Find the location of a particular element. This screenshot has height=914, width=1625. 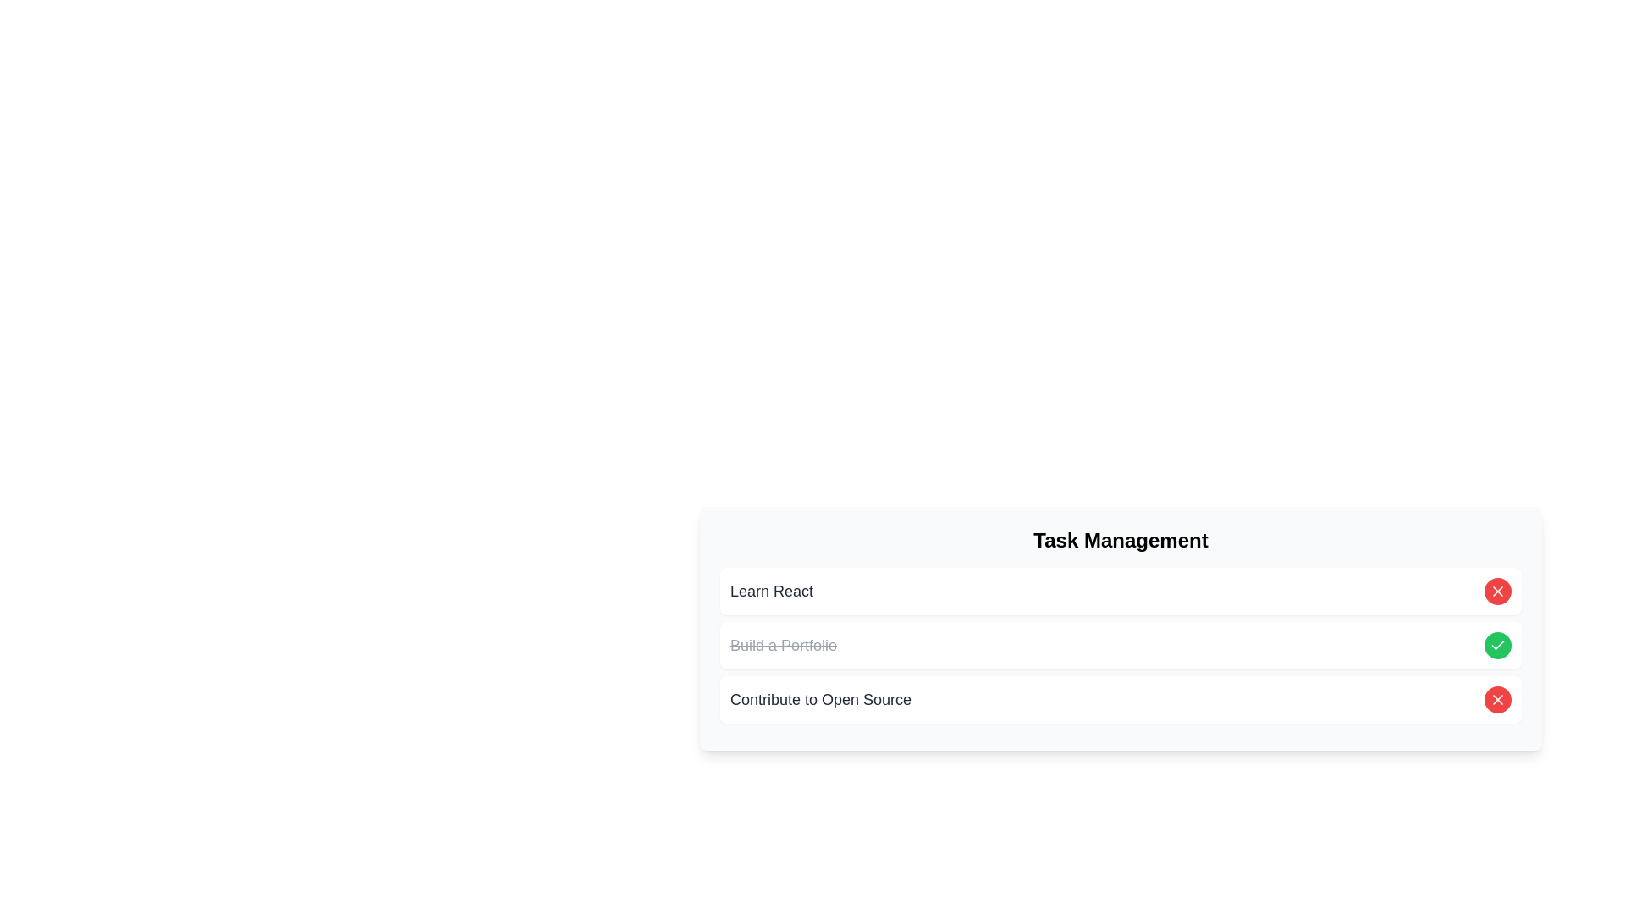

the 'Learn React' text label, which is the first item in the task management list and aligns to the left within its card component is located at coordinates (771, 590).